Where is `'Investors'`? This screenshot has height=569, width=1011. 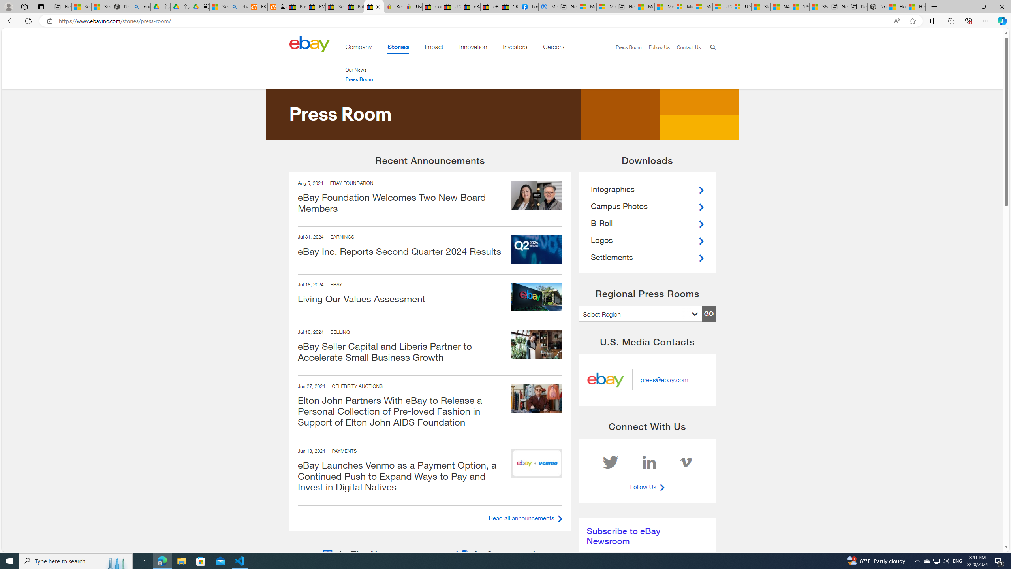 'Investors' is located at coordinates (515, 48).